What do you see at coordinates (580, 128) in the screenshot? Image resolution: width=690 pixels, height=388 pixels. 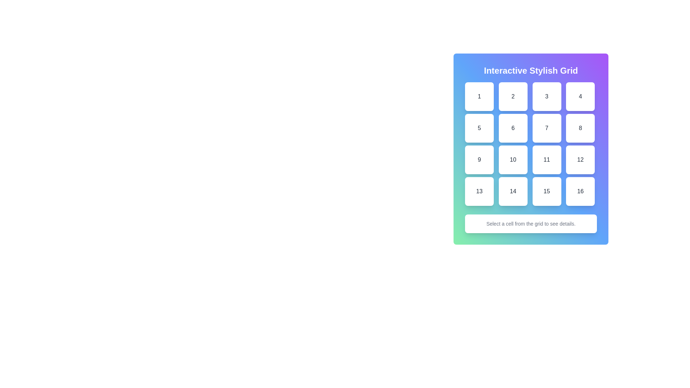 I see `the square-shaped button with a bold number '8' at the center, located` at bounding box center [580, 128].